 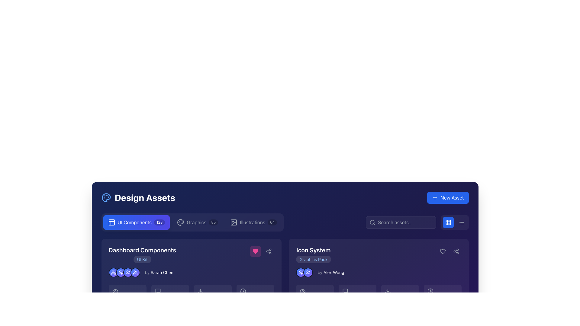 I want to click on the 'Icon System' text label which categorizes a design asset within the card layout of the interface, so click(x=313, y=254).